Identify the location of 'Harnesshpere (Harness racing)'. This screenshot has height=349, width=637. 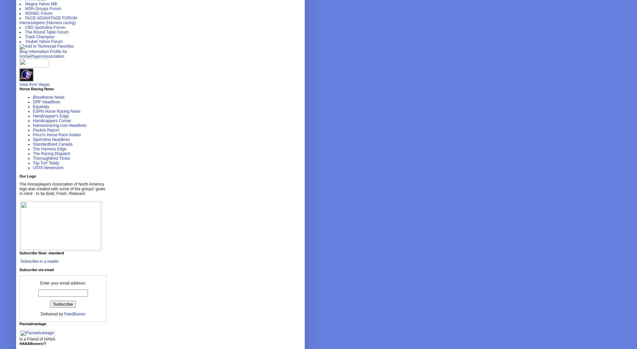
(47, 22).